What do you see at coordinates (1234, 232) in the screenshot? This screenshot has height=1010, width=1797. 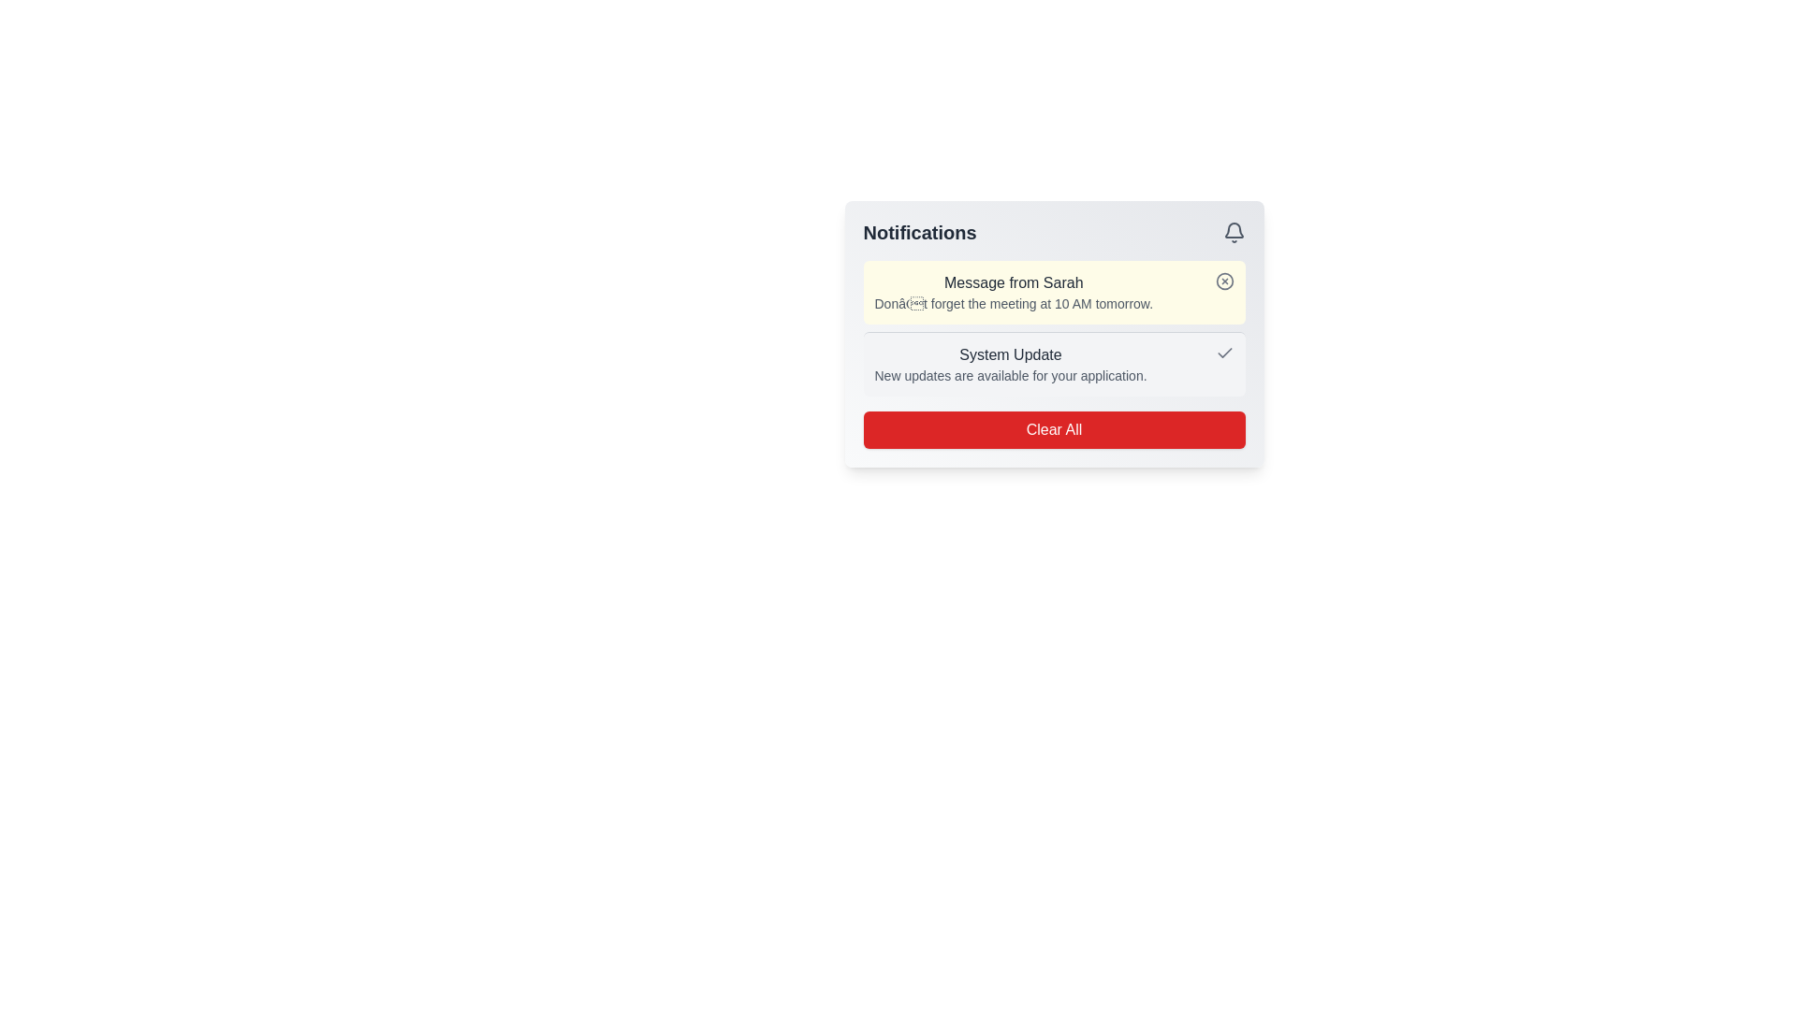 I see `the gray bell icon located in the top-right corner of the Notifications header, adjacent to the text 'Notifications'` at bounding box center [1234, 232].